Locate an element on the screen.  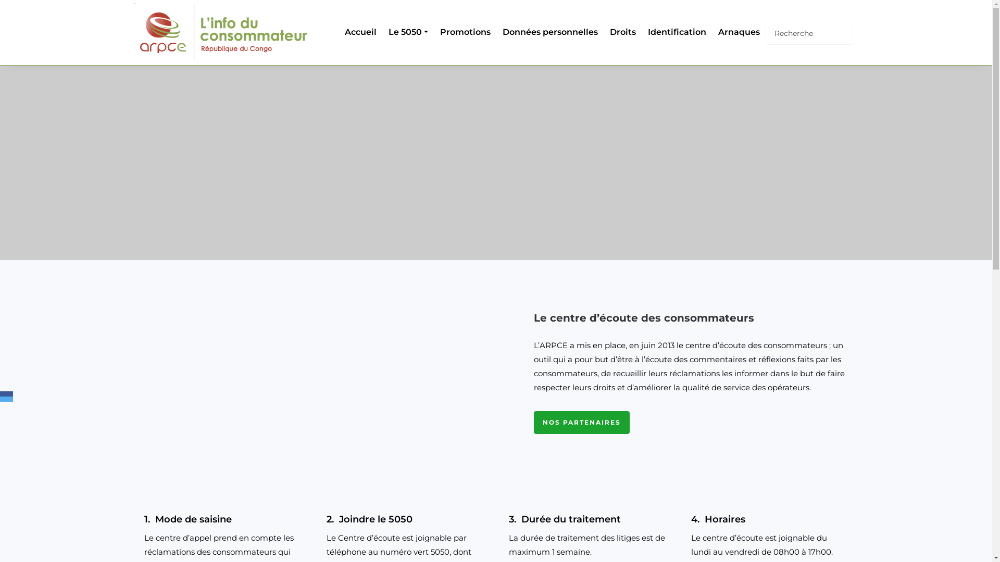
'Droits' is located at coordinates (621, 32).